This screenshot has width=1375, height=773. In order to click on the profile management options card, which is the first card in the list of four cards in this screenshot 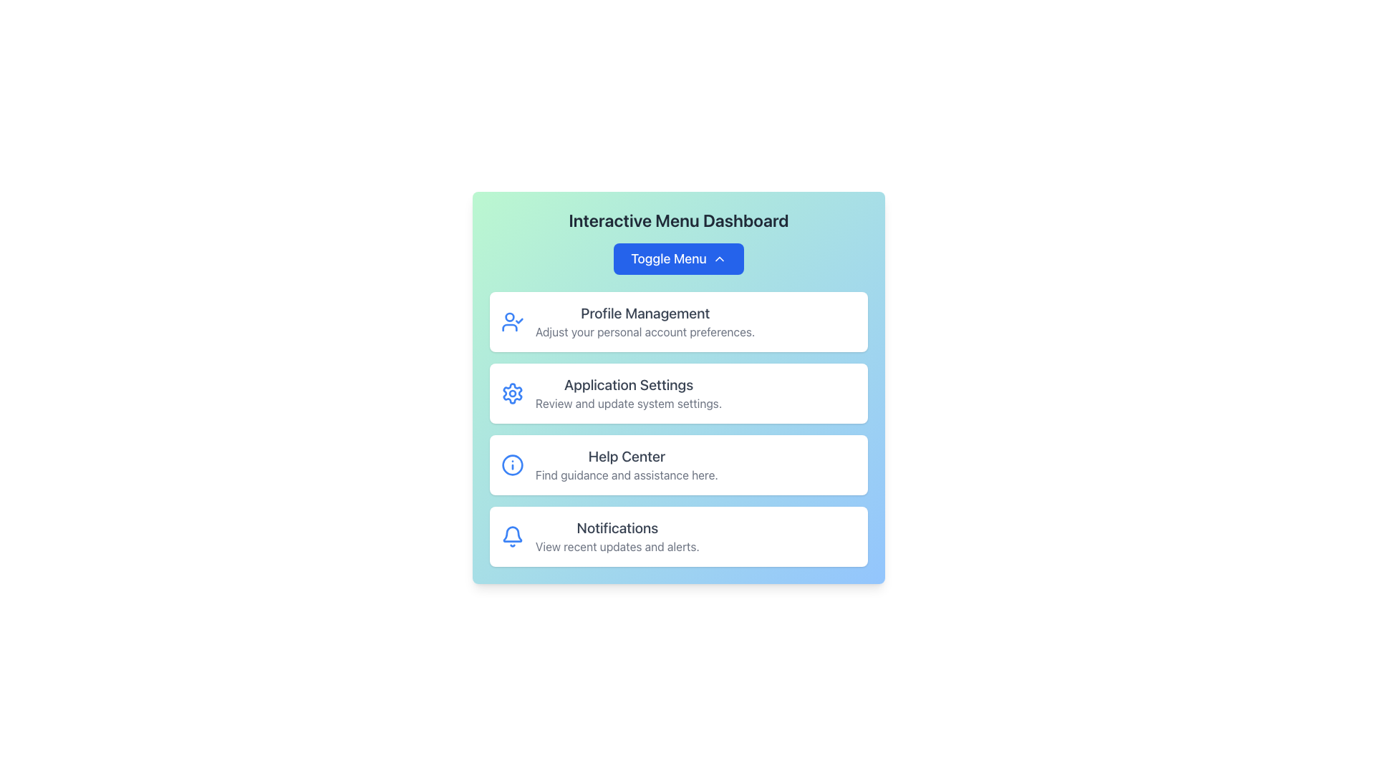, I will do `click(678, 322)`.